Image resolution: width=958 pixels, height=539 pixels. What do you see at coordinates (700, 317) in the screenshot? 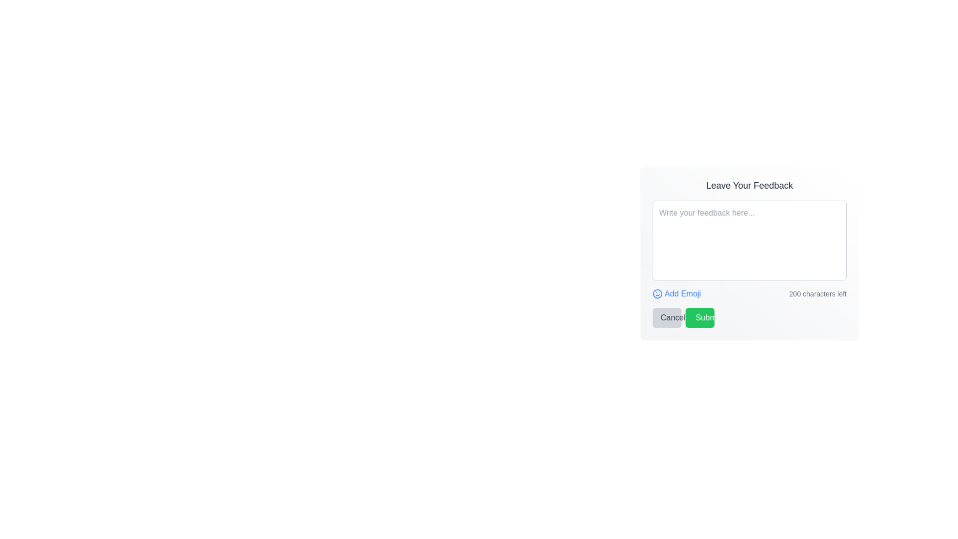
I see `the submission button for the feedback form located in the 'Leave Your Feedback' section` at bounding box center [700, 317].